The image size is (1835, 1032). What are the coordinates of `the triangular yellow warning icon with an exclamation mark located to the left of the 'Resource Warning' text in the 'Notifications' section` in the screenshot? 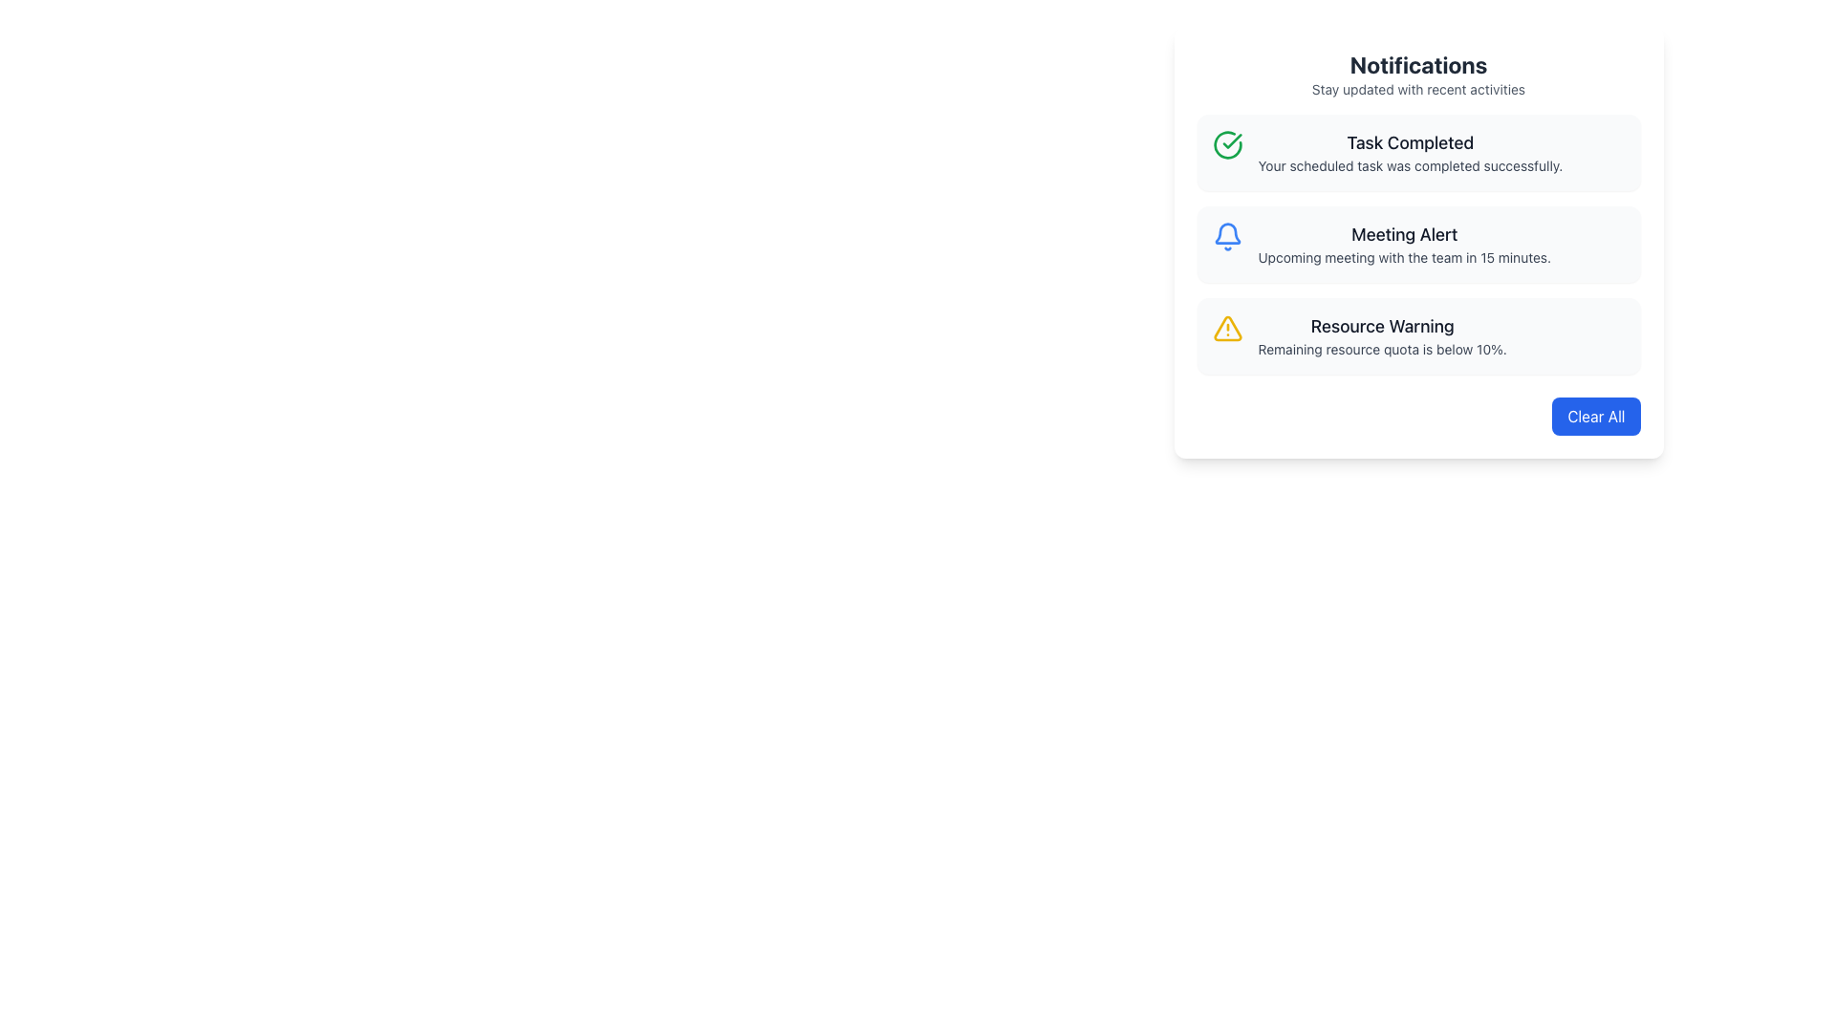 It's located at (1227, 327).